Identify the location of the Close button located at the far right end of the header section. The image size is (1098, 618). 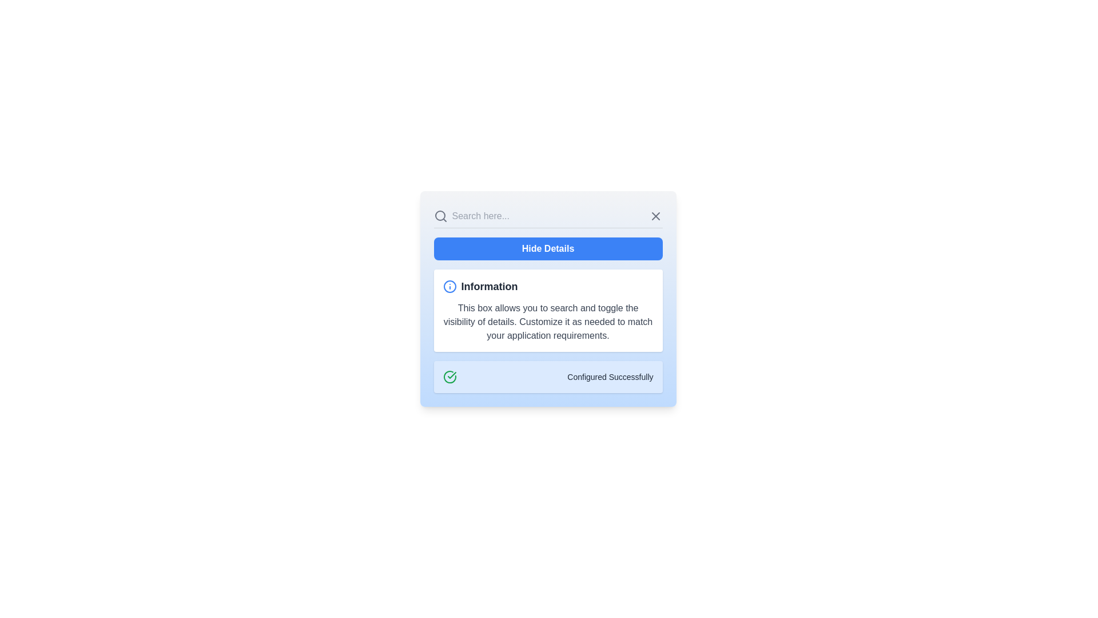
(655, 216).